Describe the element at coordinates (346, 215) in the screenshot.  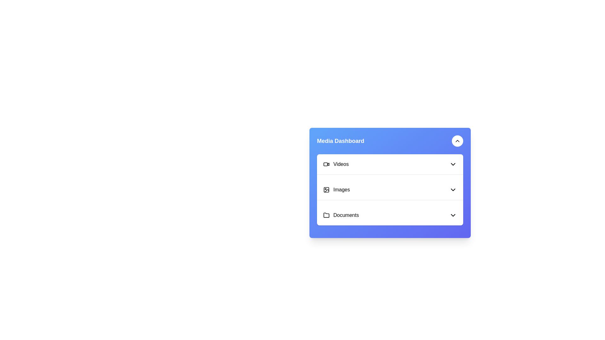
I see `the 'Documents' label, which is styled in a standard sans-serif font, appears in black color, and is positioned on the third row of the menu list within the 'Media Dashboard', directly to the right of a folder icon` at that location.